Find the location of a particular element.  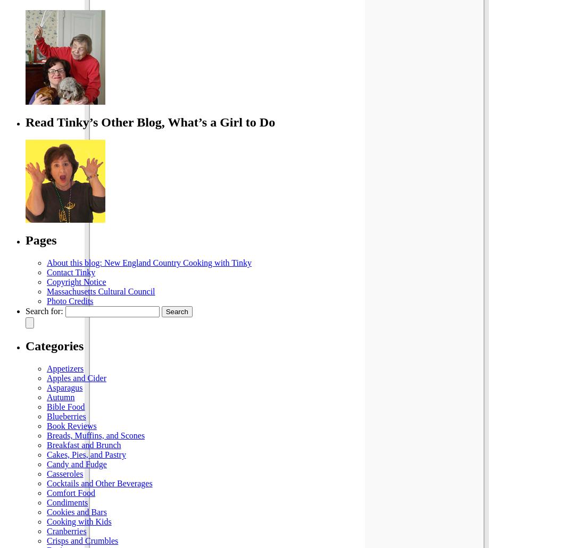

'Bible Food' is located at coordinates (65, 406).